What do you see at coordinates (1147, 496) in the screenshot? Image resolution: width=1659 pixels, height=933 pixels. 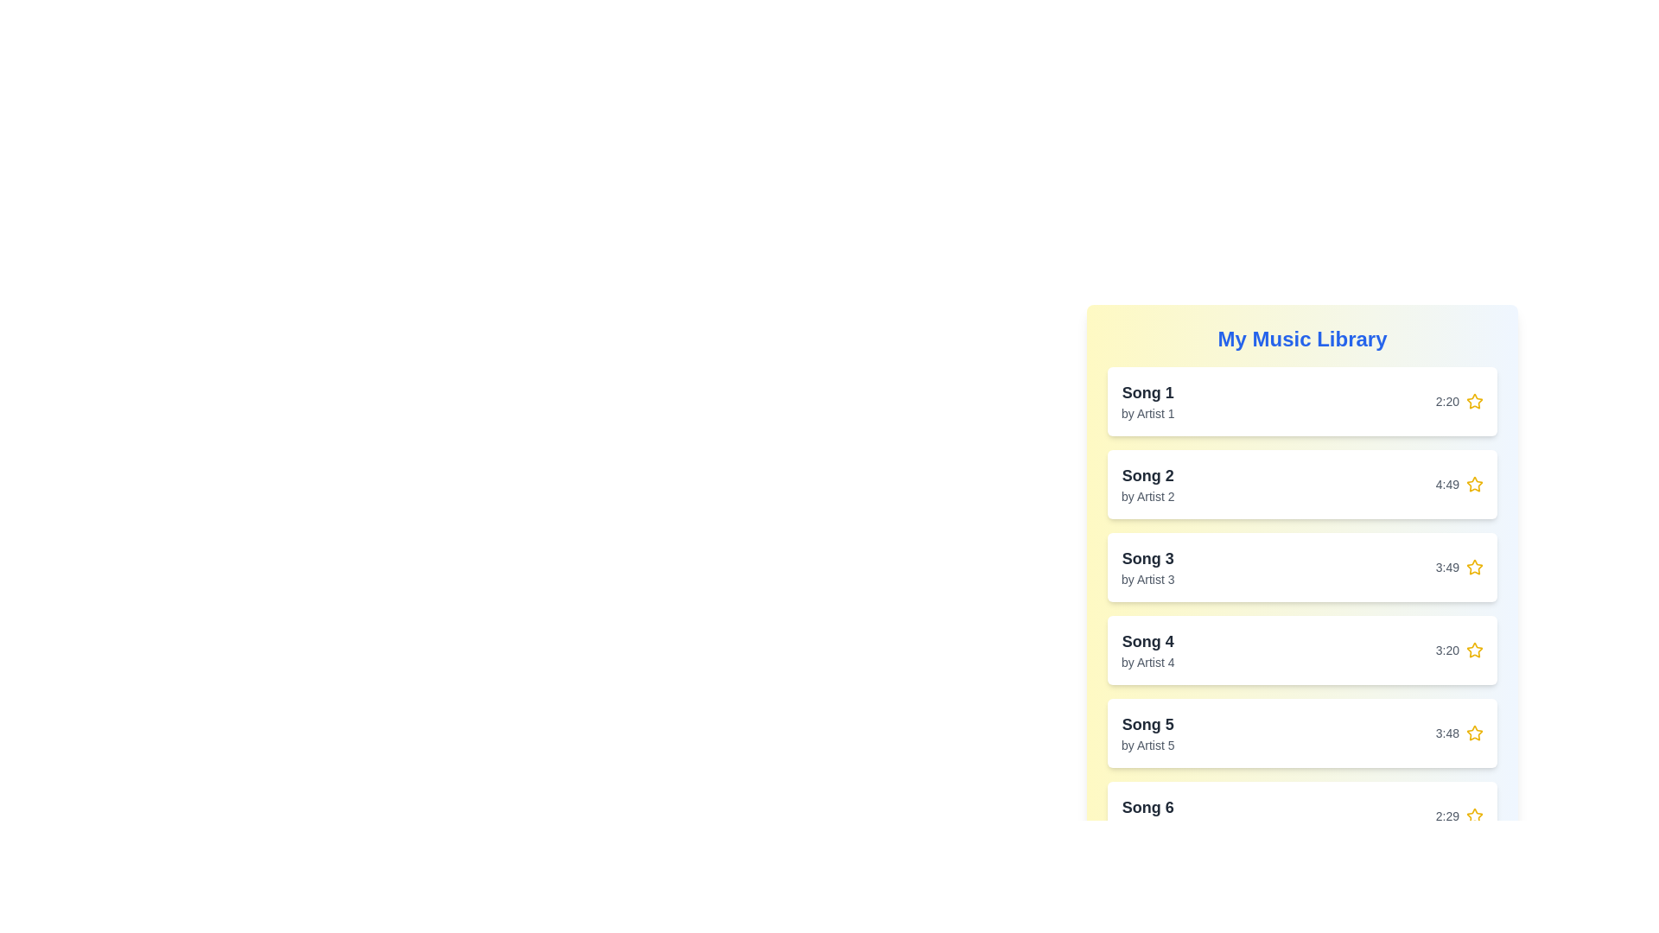 I see `the Text label that indicates the artist associated with the song 'Song 2', positioned below the title 'Song 2' in the music list` at bounding box center [1147, 496].